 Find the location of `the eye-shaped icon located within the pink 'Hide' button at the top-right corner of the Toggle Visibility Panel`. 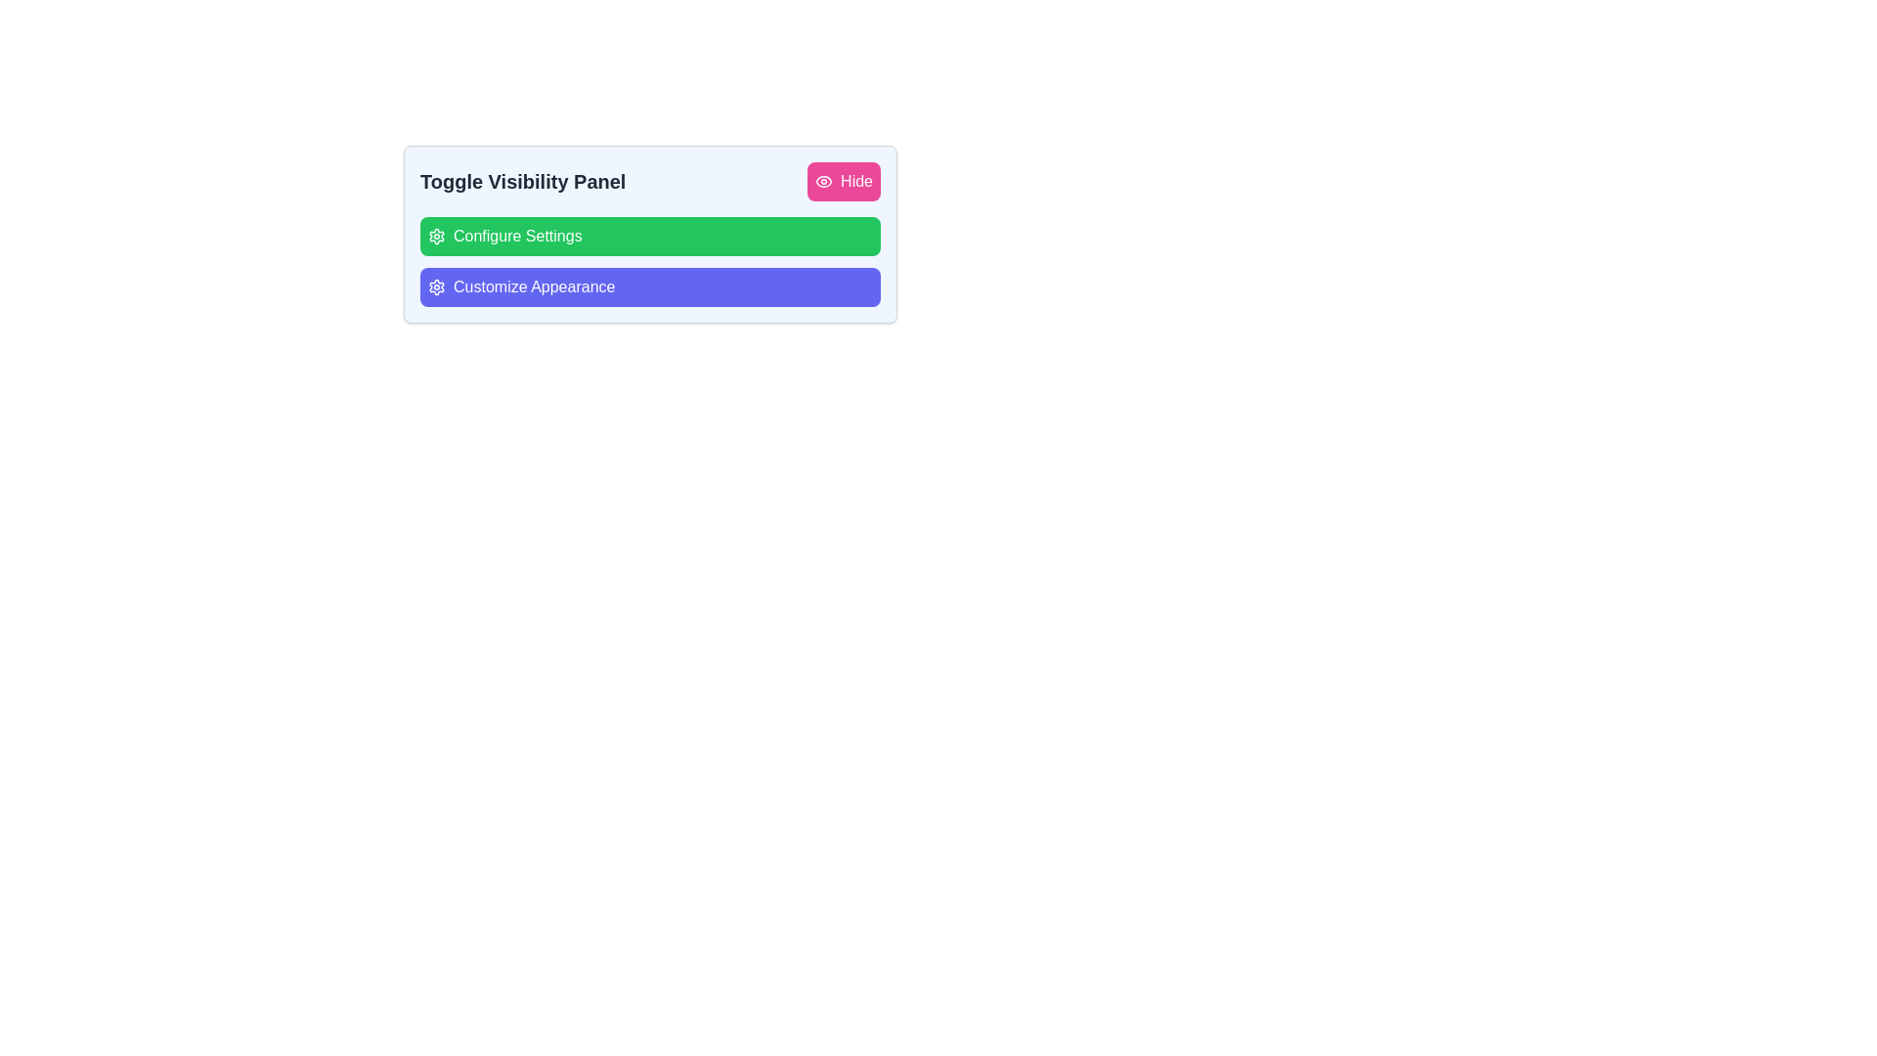

the eye-shaped icon located within the pink 'Hide' button at the top-right corner of the Toggle Visibility Panel is located at coordinates (824, 181).